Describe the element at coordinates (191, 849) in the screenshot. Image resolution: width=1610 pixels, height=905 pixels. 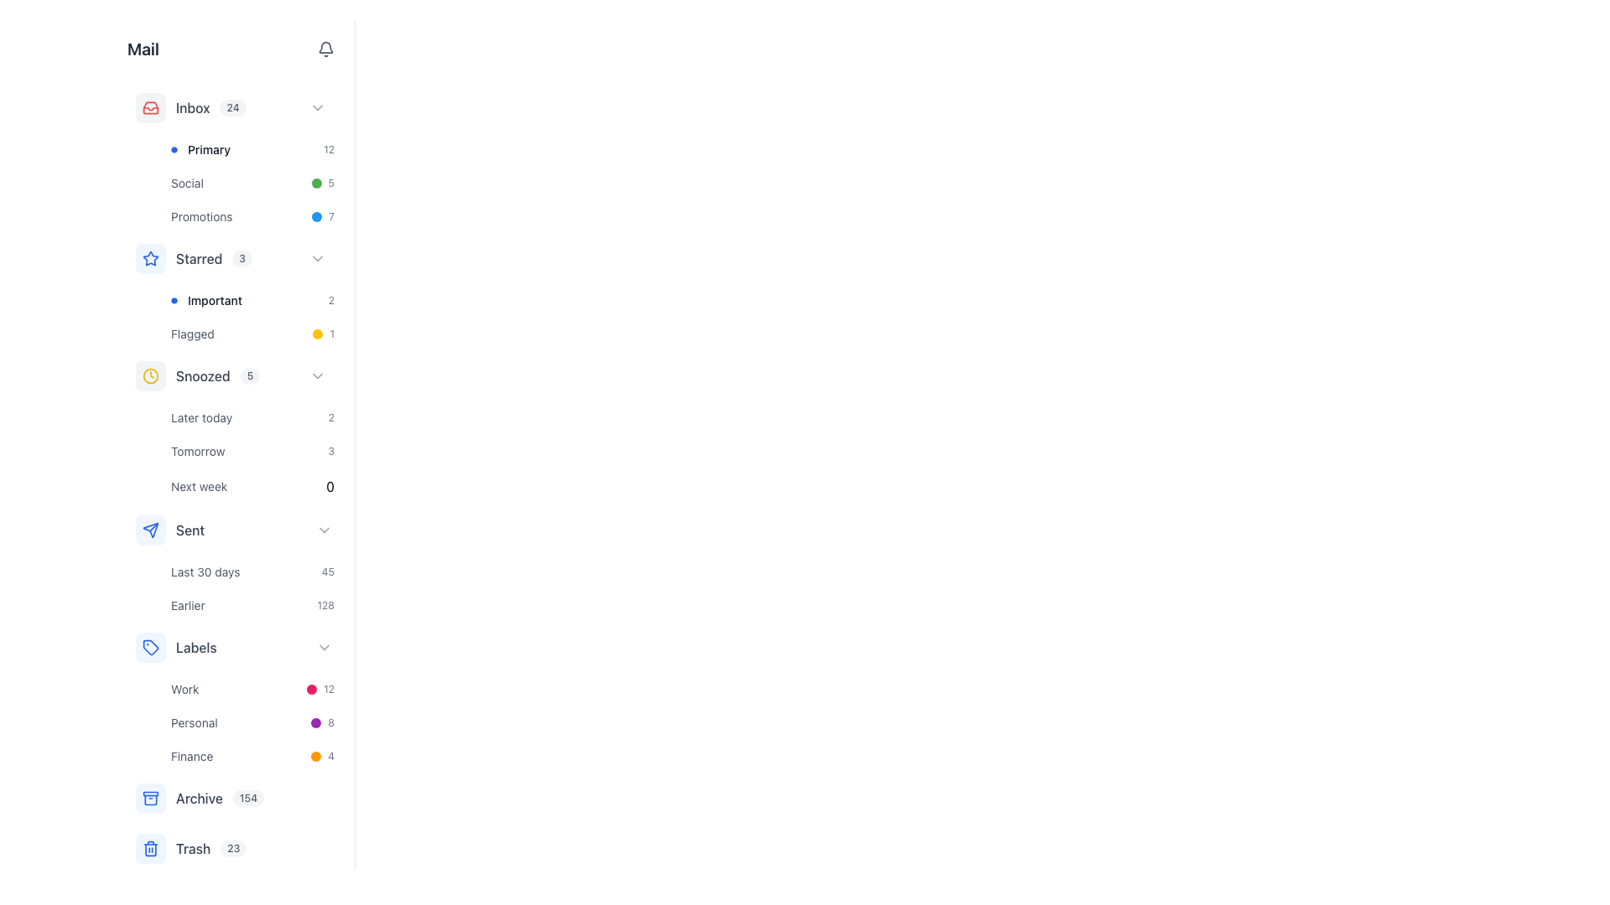
I see `the blue trash can icon next to the 'Trash' text in the sidebar` at that location.